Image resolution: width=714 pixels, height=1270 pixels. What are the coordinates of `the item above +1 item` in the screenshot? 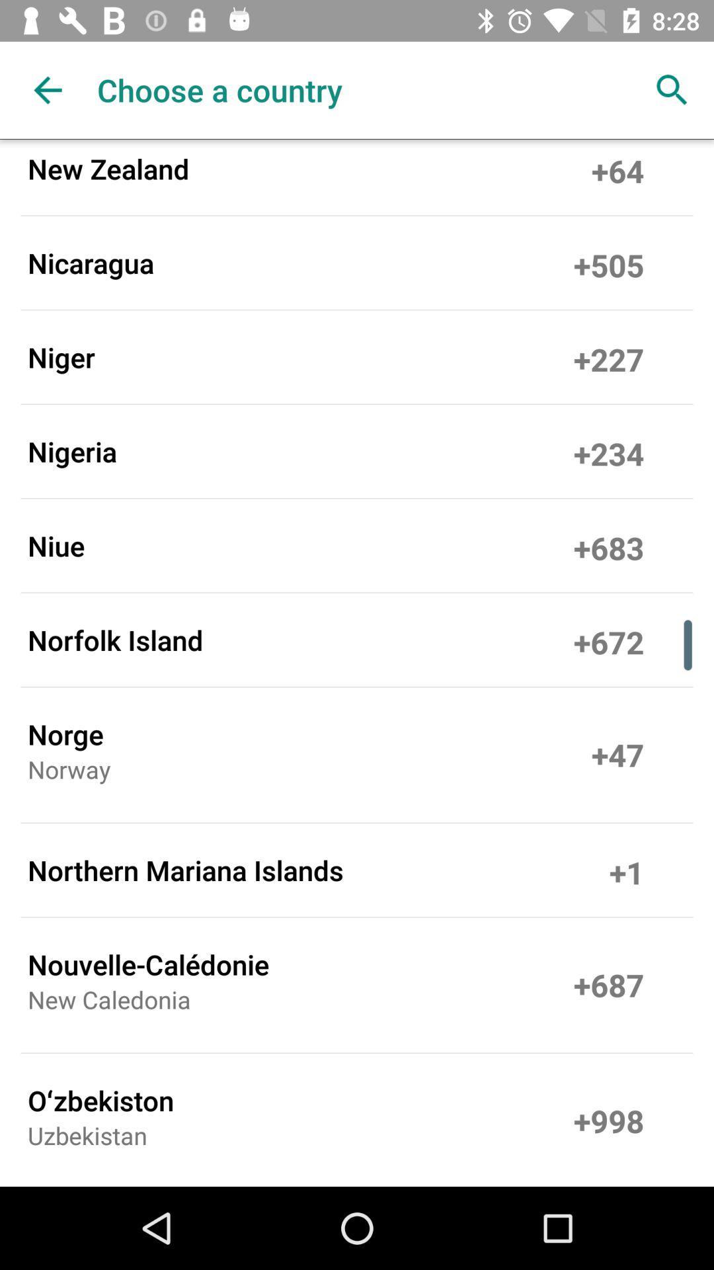 It's located at (617, 755).